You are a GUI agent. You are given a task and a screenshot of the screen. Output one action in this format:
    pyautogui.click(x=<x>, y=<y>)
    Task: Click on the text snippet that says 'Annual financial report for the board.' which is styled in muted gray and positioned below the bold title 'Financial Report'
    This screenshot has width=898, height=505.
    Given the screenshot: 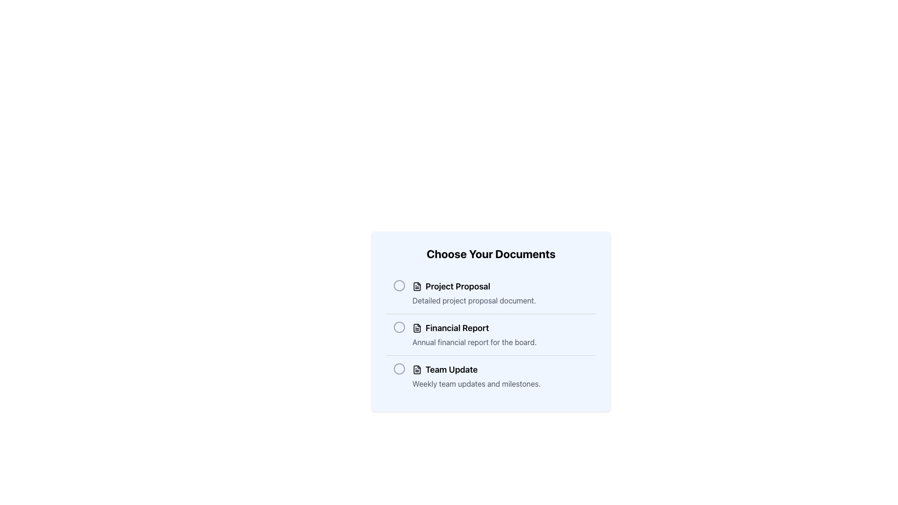 What is the action you would take?
    pyautogui.click(x=474, y=342)
    